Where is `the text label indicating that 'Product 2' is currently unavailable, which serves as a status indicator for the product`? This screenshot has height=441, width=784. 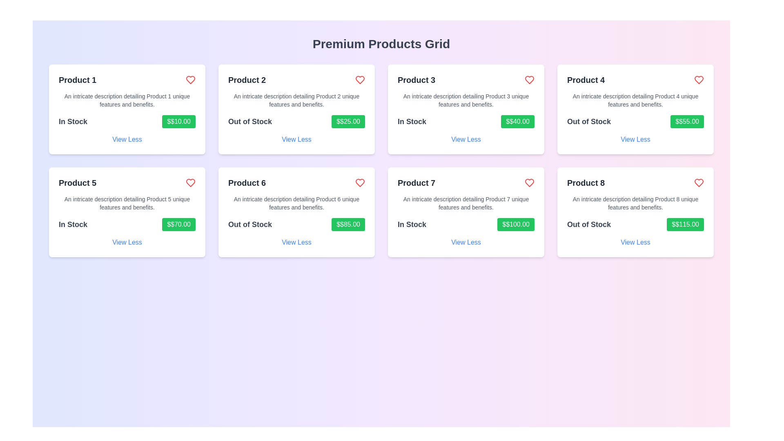
the text label indicating that 'Product 2' is currently unavailable, which serves as a status indicator for the product is located at coordinates (249, 121).